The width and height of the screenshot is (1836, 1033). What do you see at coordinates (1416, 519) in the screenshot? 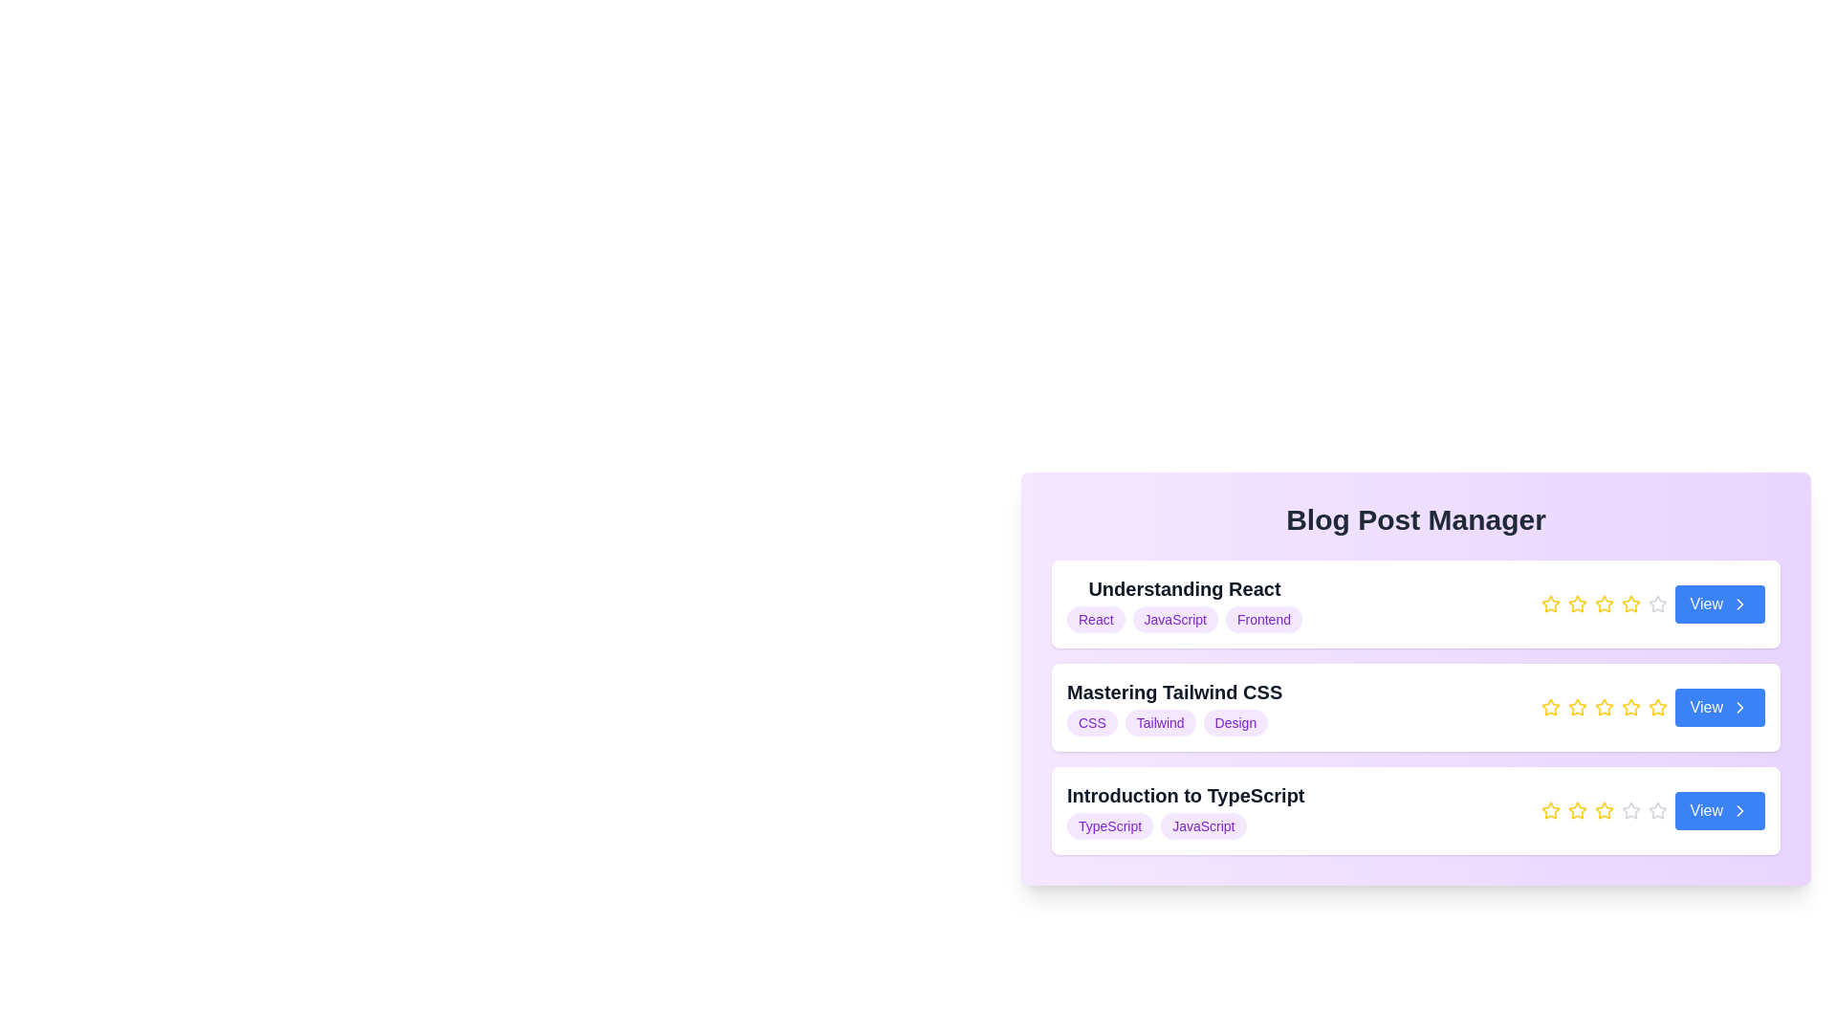
I see `the bold, large-sized text label that reads 'Blog Post Manager' at the top of the card interface with a gradient purple background` at bounding box center [1416, 519].